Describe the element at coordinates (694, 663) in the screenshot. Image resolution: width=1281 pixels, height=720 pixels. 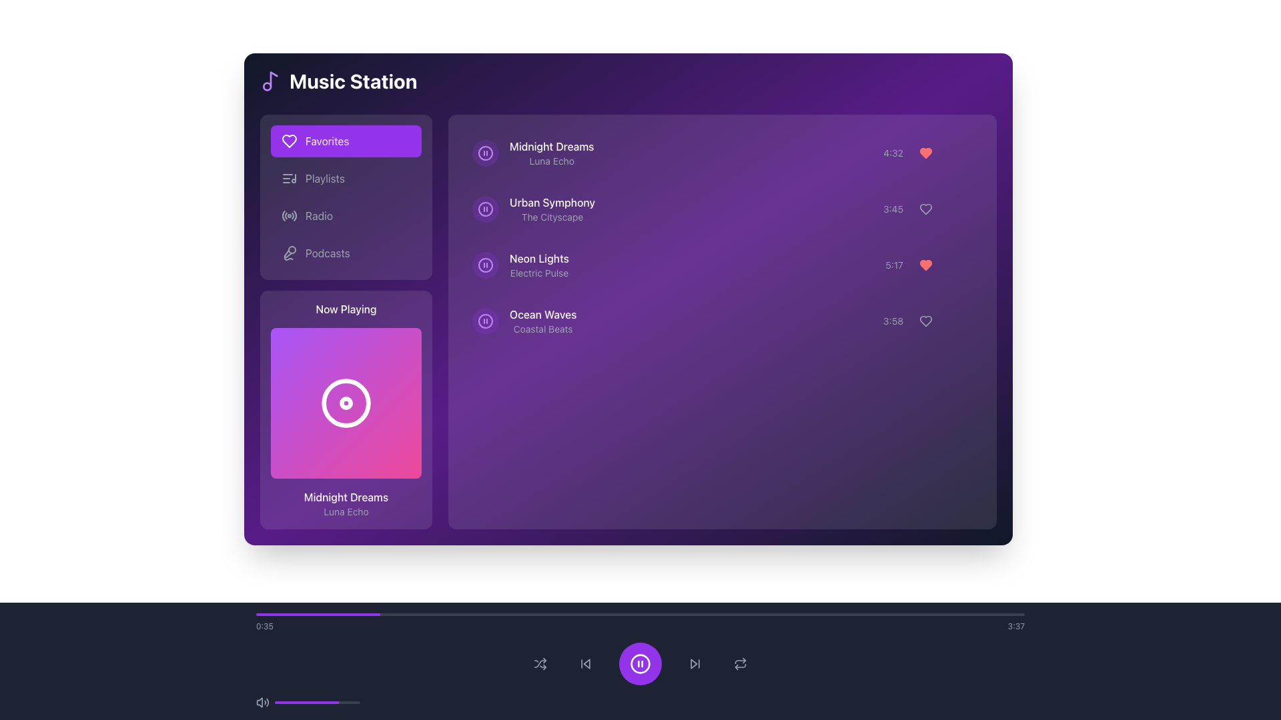
I see `the skip-forward button, which is a small gray triangle adjacent to a vertical line on the horizontal control bar at the bottom of the interface` at that location.